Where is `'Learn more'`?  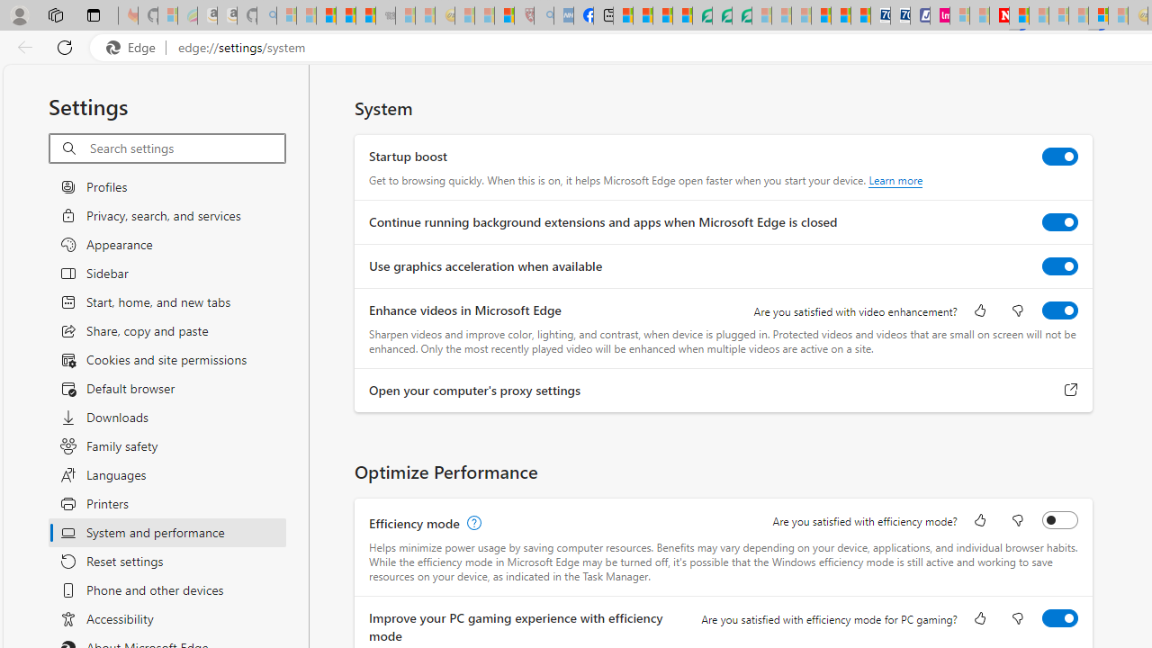 'Learn more' is located at coordinates (895, 180).